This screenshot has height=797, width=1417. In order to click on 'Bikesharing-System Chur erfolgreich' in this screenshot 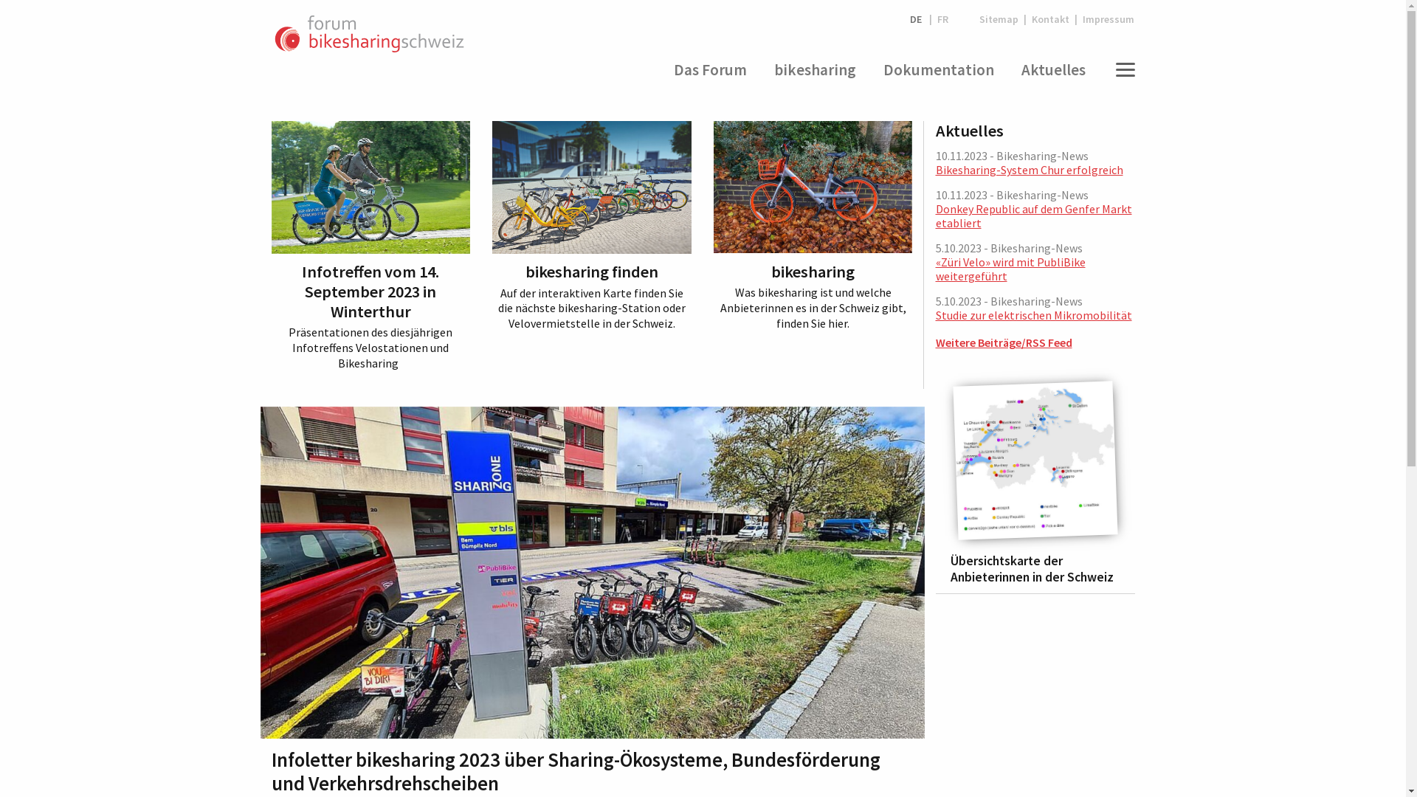, I will do `click(1029, 169)`.